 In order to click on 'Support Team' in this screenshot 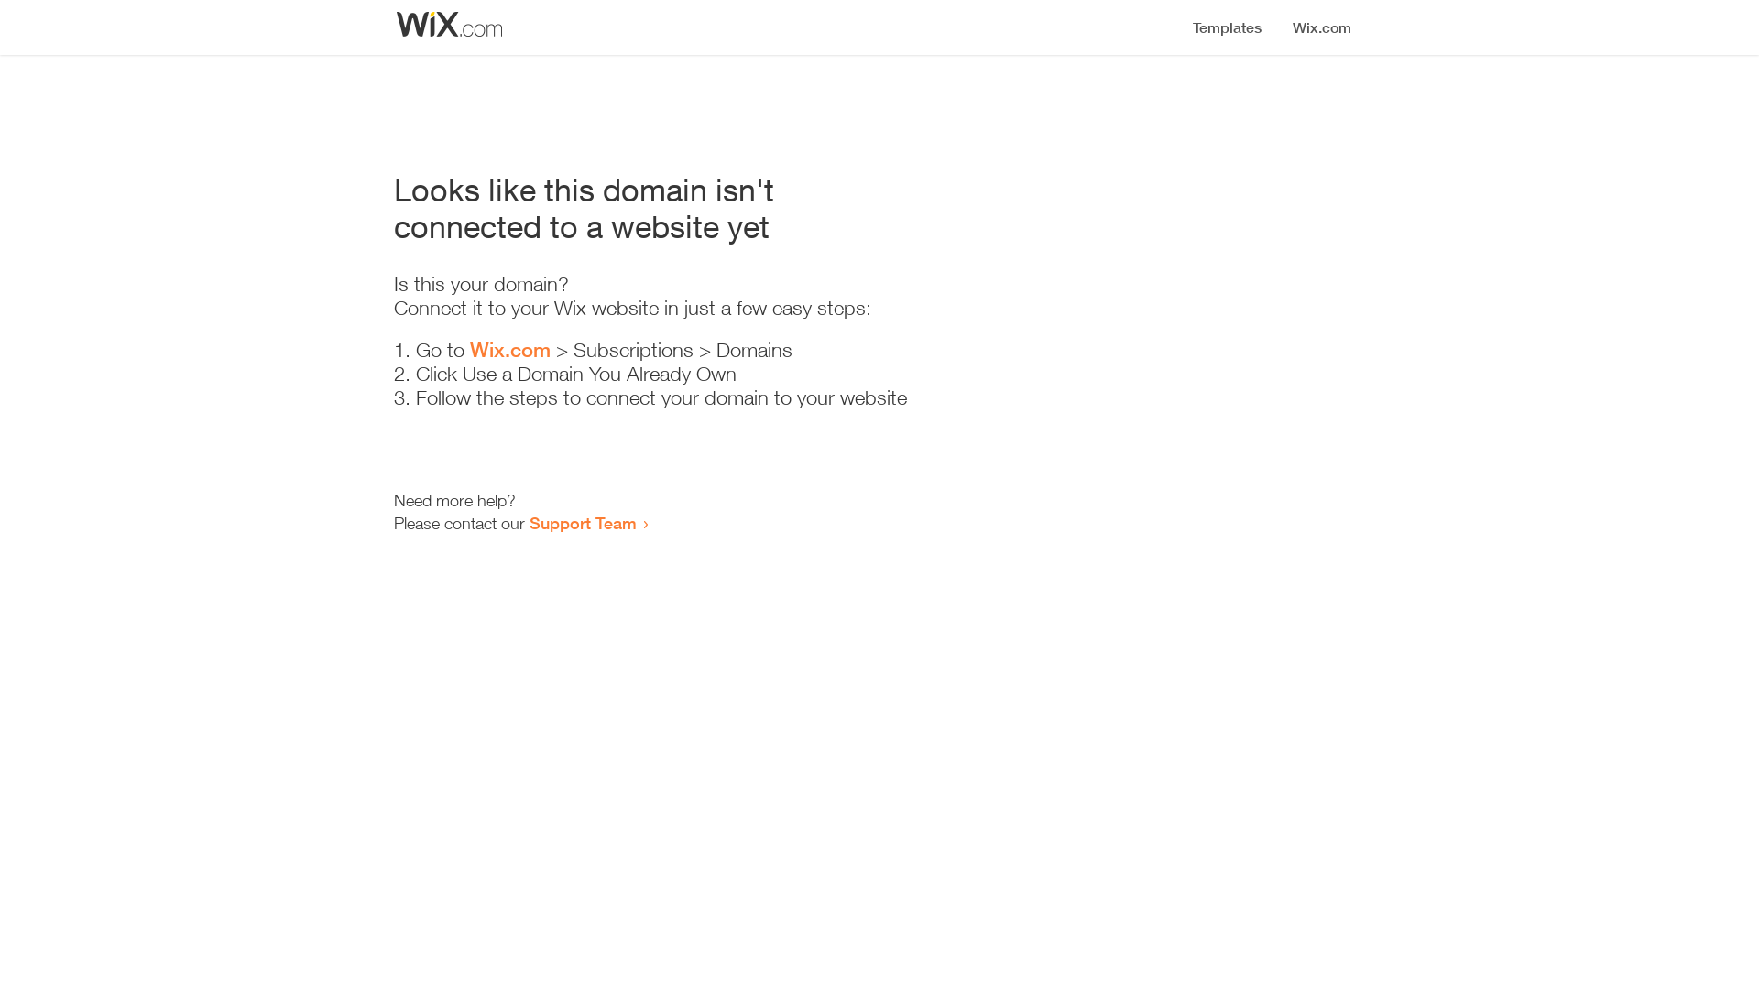, I will do `click(528, 522)`.